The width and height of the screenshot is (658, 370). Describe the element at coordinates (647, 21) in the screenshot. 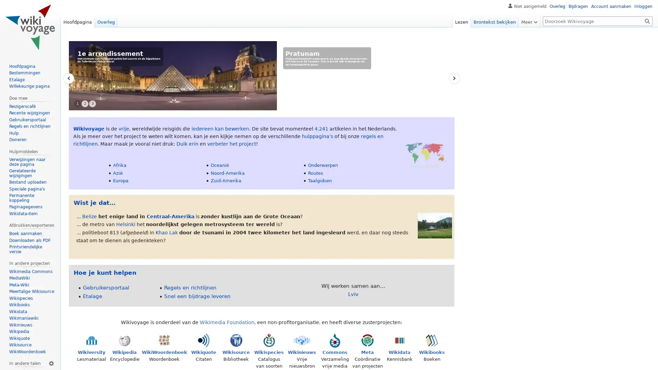

I see `Zoeken` at that location.